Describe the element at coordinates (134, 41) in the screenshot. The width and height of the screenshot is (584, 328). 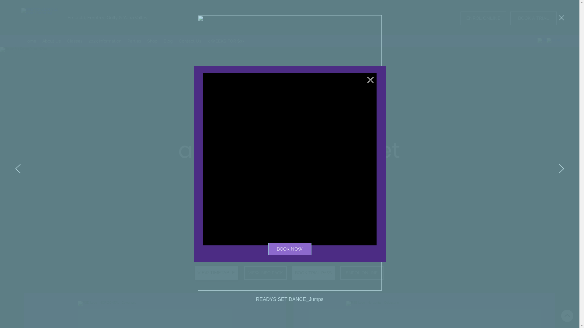
I see `'Parties'` at that location.